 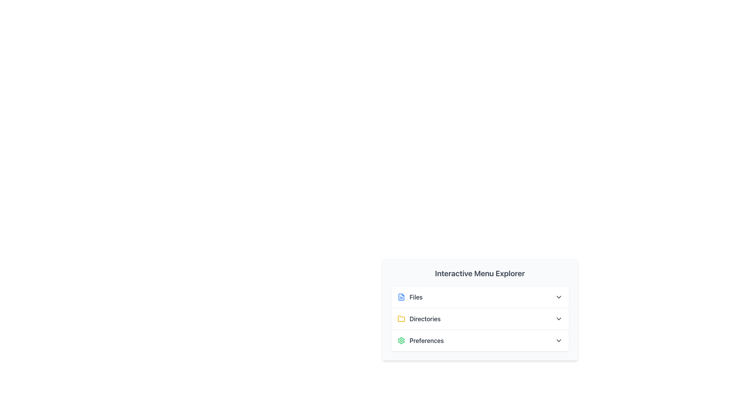 What do you see at coordinates (401, 297) in the screenshot?
I see `the blue document icon located to the left of the 'Files' label` at bounding box center [401, 297].